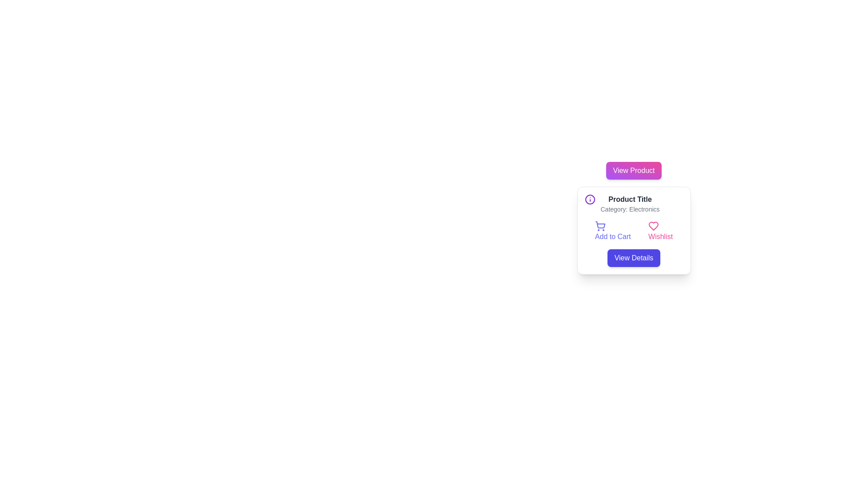 The width and height of the screenshot is (852, 479). Describe the element at coordinates (612, 231) in the screenshot. I see `the blue 'Add to Cart' button with a shopping cart icon located below the product title` at that location.